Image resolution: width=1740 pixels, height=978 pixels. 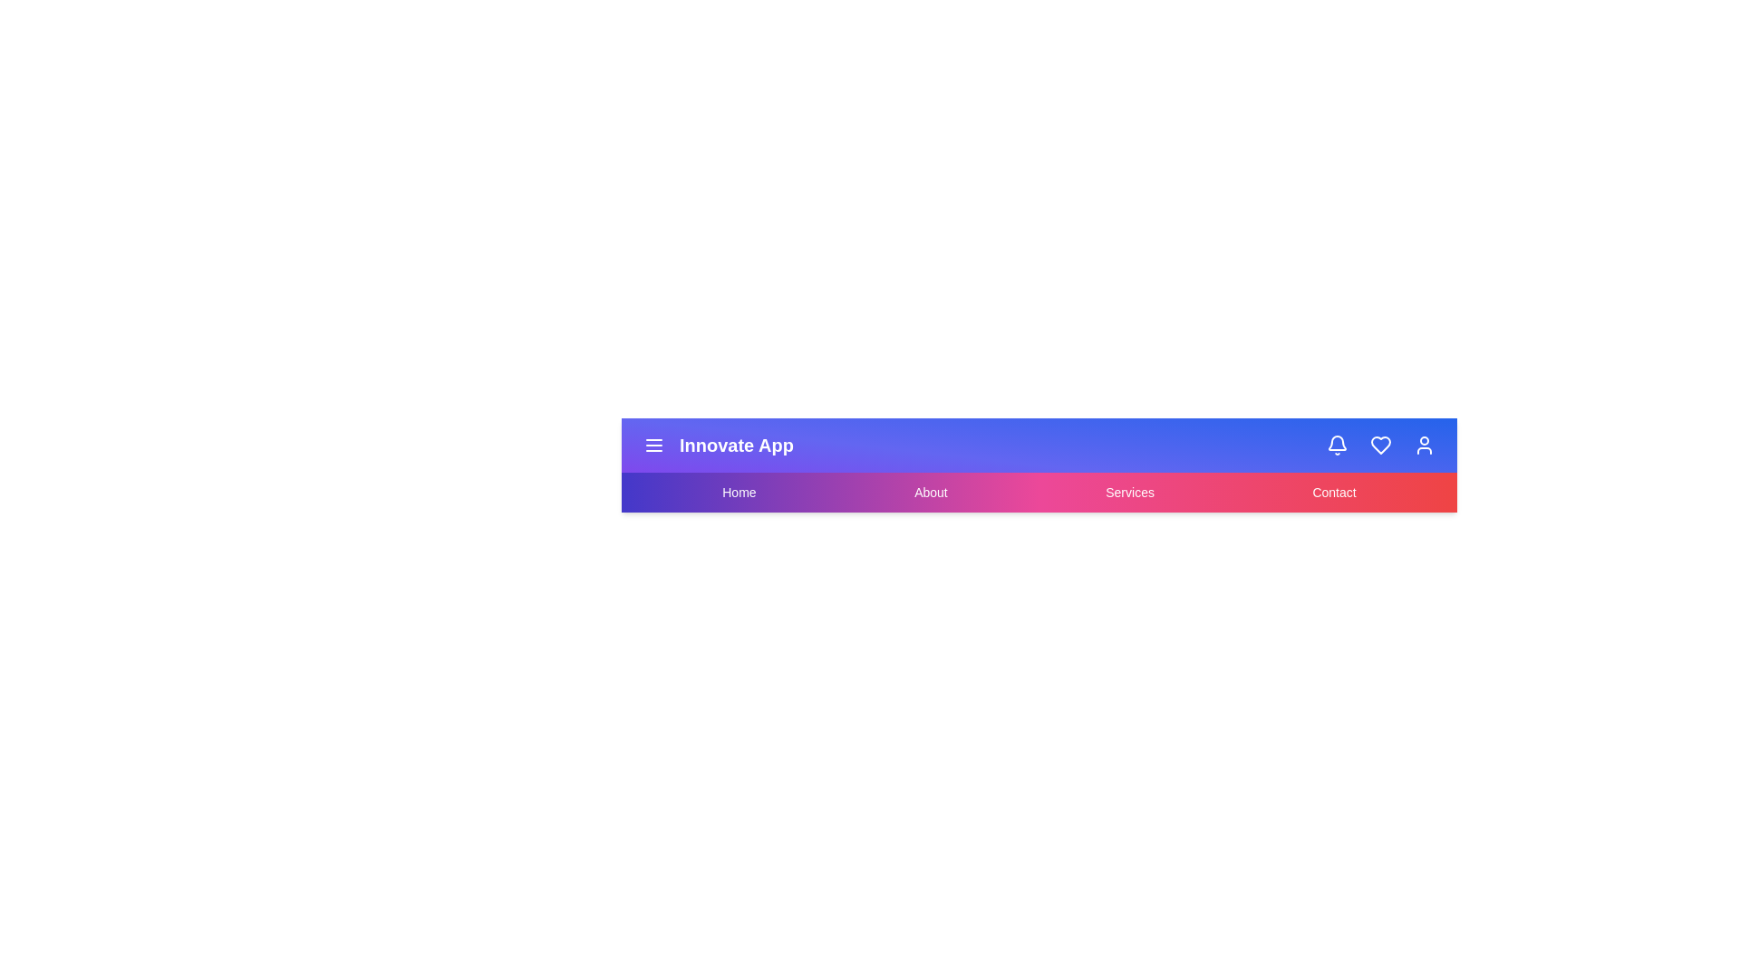 What do you see at coordinates (652, 446) in the screenshot?
I see `the interactive element Menu Icon` at bounding box center [652, 446].